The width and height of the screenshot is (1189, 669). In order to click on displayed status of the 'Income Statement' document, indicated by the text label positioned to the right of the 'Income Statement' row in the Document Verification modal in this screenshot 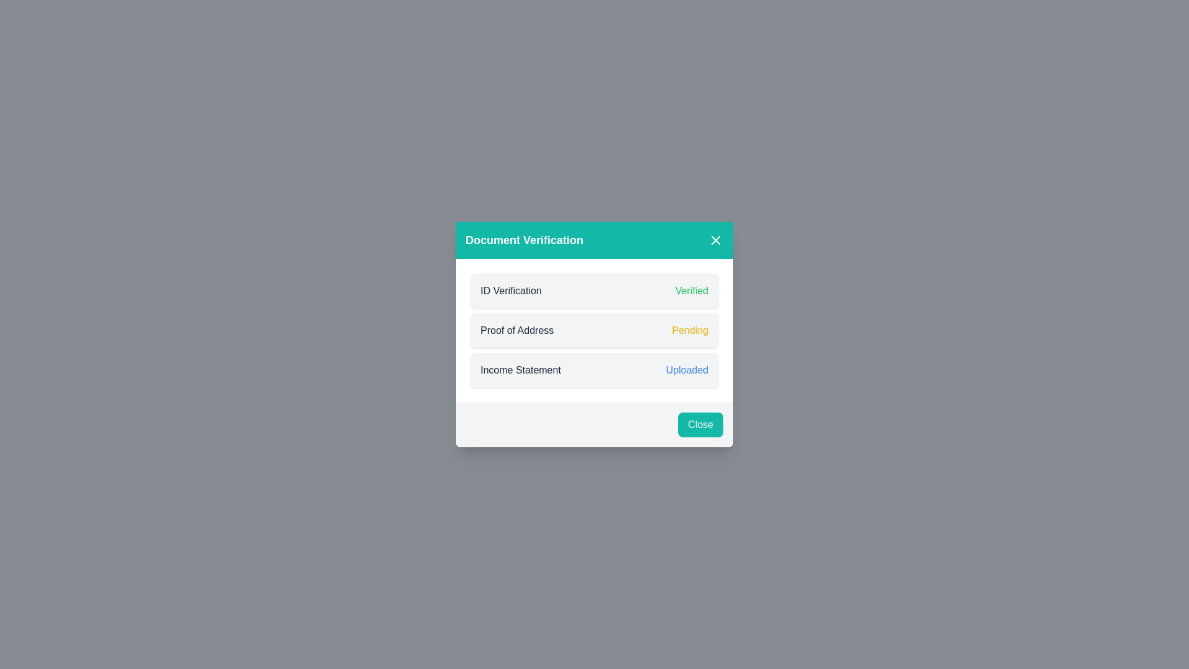, I will do `click(686, 369)`.